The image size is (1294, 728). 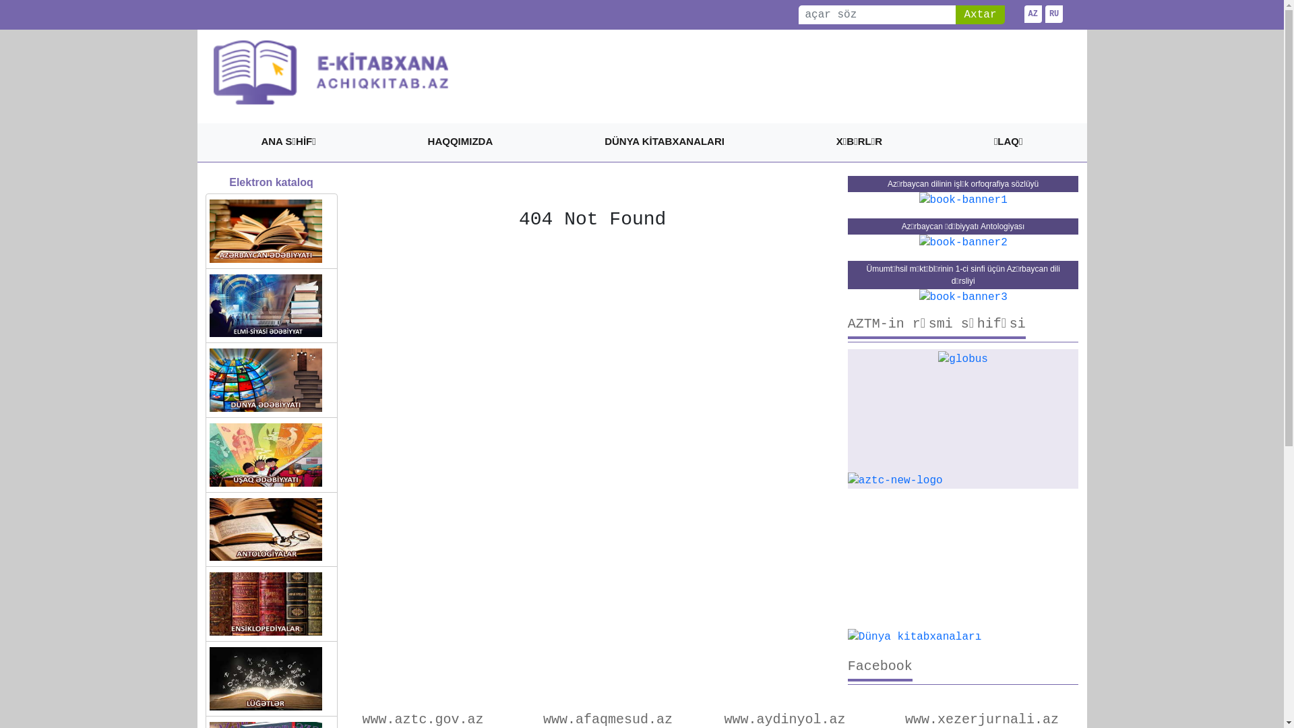 I want to click on 'Axtar', so click(x=980, y=15).